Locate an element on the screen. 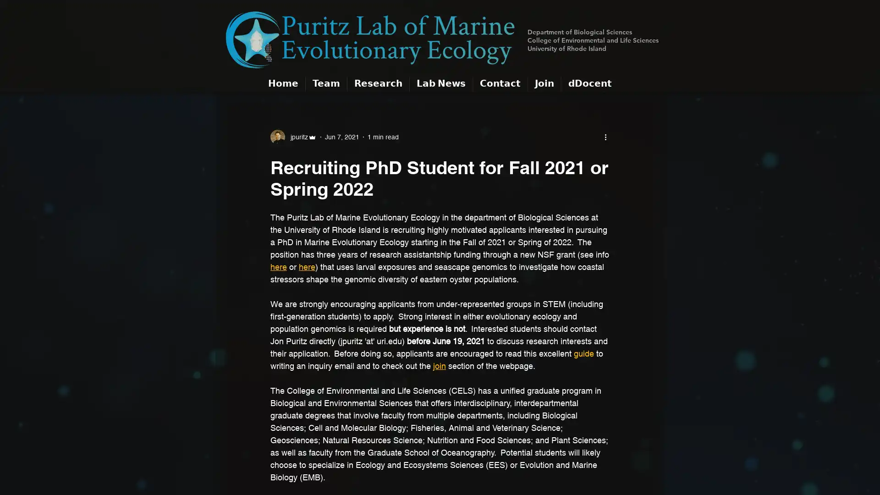 This screenshot has width=880, height=495. More actions is located at coordinates (608, 137).